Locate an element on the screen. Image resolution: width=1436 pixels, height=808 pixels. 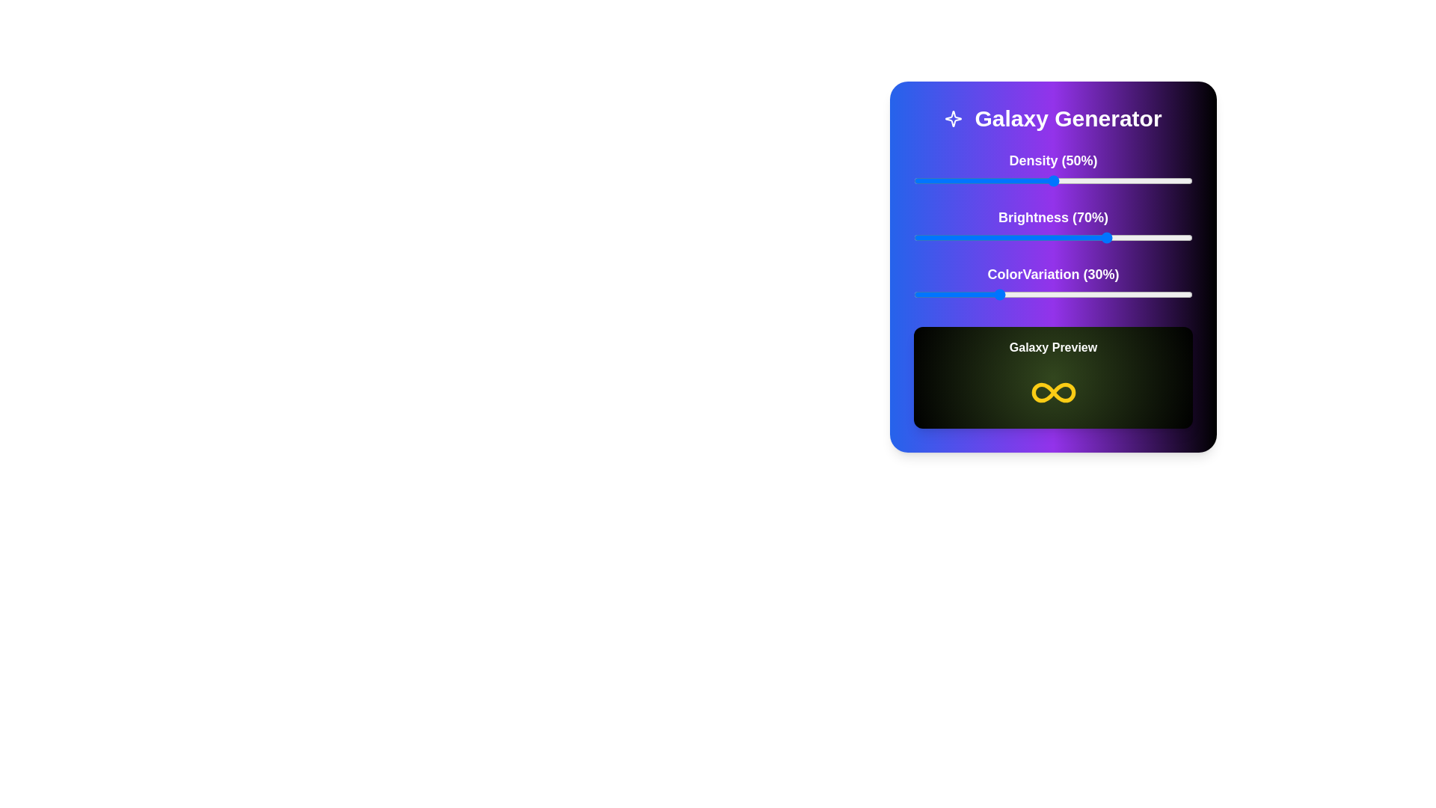
the 'Density' slider to 38% is located at coordinates (1019, 180).